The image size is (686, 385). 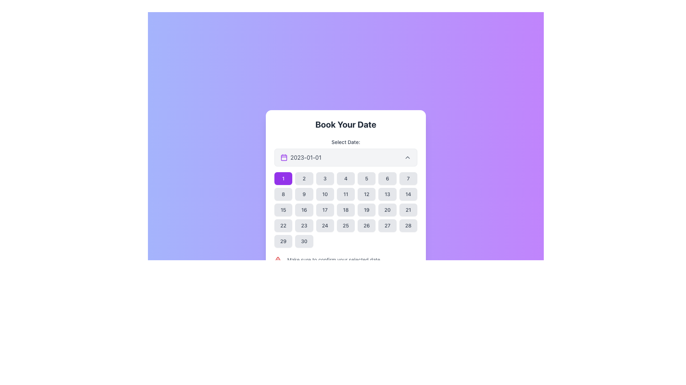 What do you see at coordinates (346, 210) in the screenshot?
I see `the button styled as a rounded rectangular badge with the number '18'` at bounding box center [346, 210].